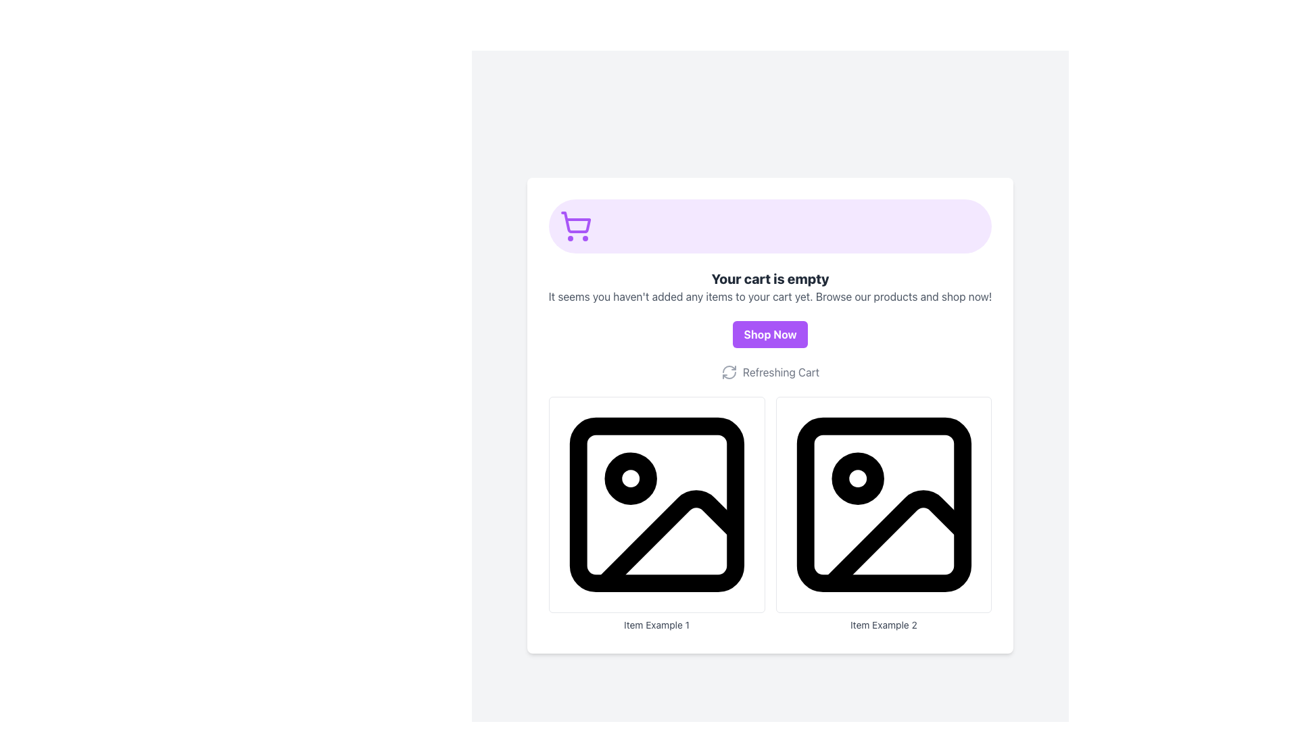 The height and width of the screenshot is (730, 1298). Describe the element at coordinates (781, 372) in the screenshot. I see `the text label displaying 'Refreshing Cart' which is located below the 'Shop Now' button and to the right of a refresh icon` at that location.